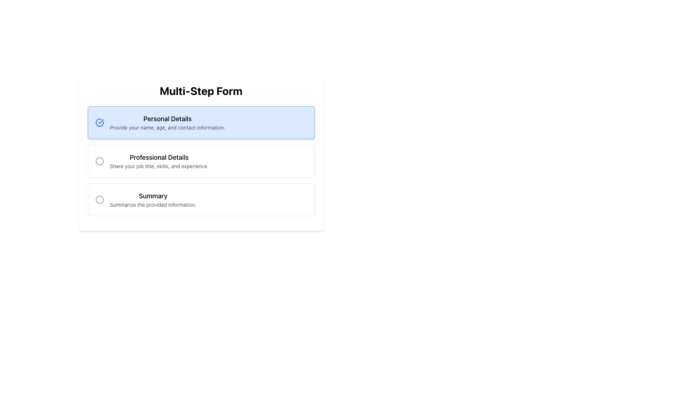 Image resolution: width=699 pixels, height=393 pixels. I want to click on text label stating 'Summarize the provided information.' which is styled in a small, gray font and located below the 'Summary' label in the multi-step form, so click(153, 205).